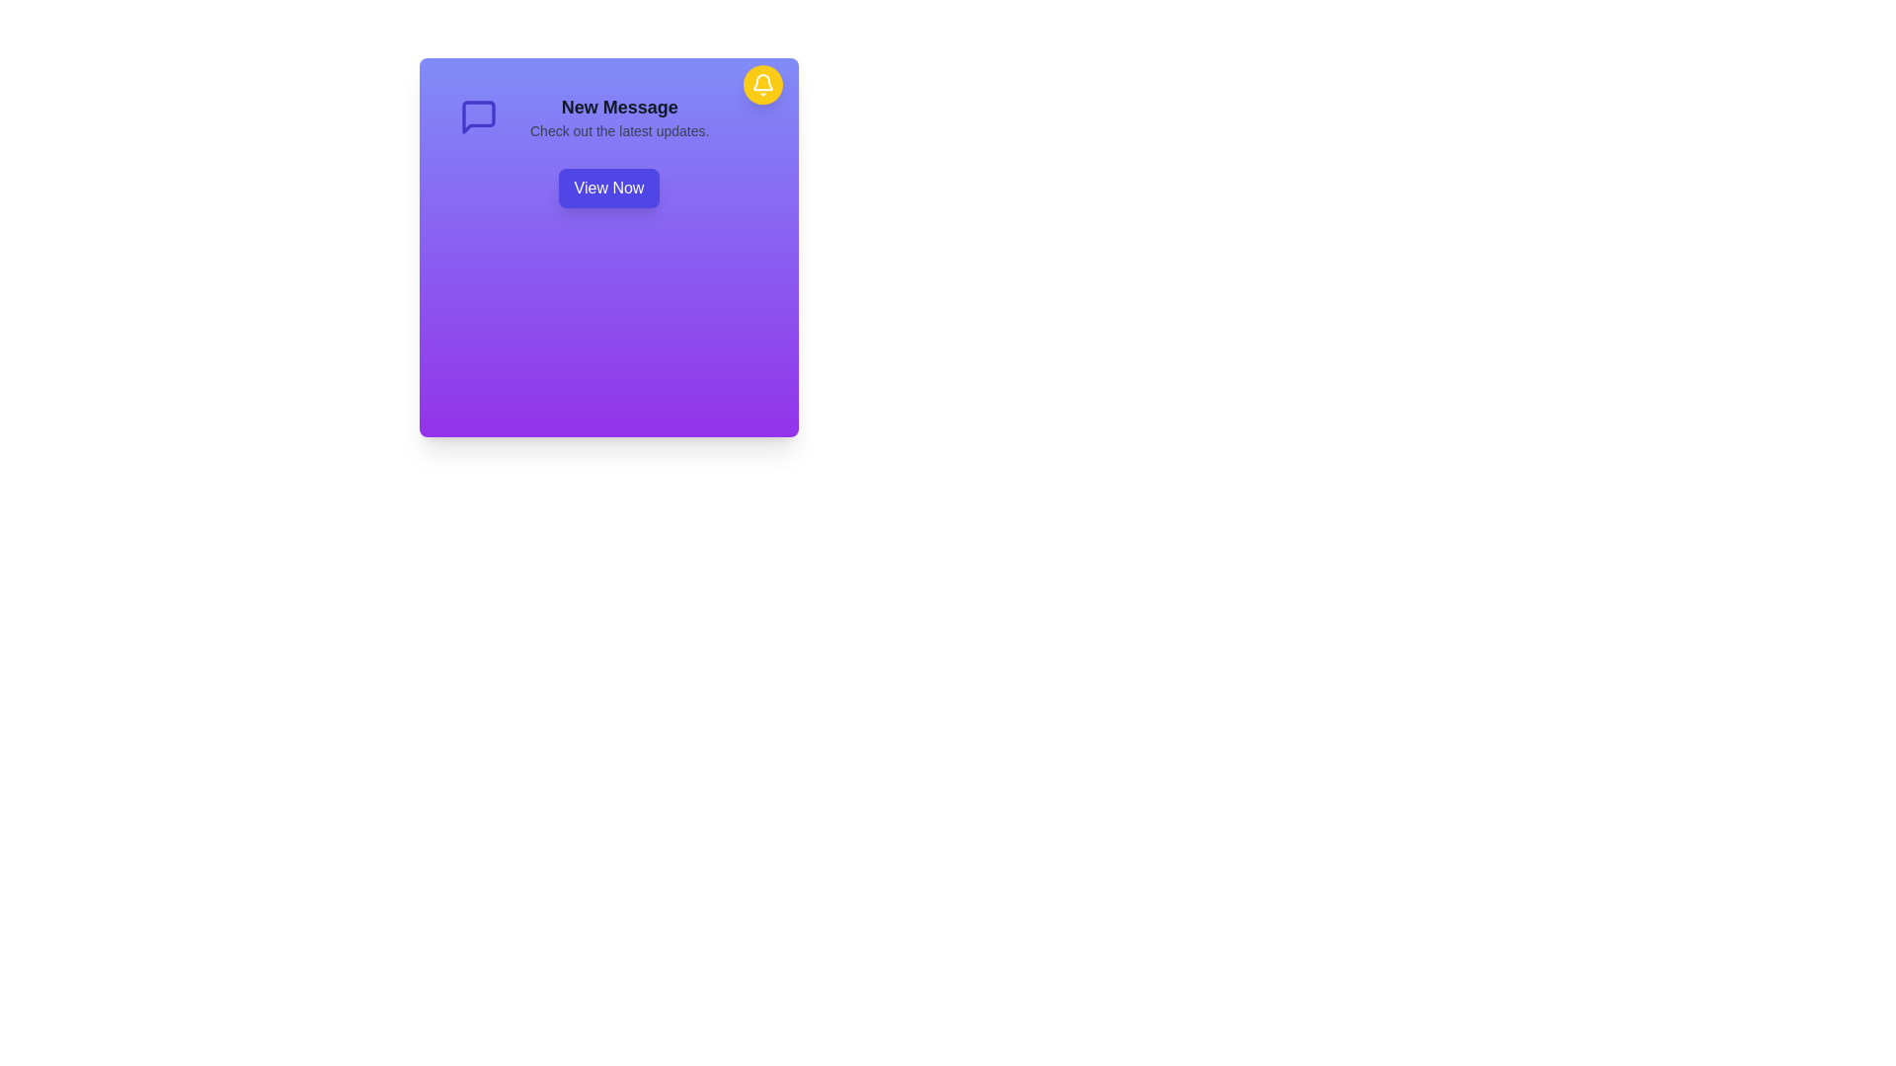 The width and height of the screenshot is (1896, 1066). What do you see at coordinates (618, 130) in the screenshot?
I see `informational text component located below the 'New Message' header, which provides additional context for the user` at bounding box center [618, 130].